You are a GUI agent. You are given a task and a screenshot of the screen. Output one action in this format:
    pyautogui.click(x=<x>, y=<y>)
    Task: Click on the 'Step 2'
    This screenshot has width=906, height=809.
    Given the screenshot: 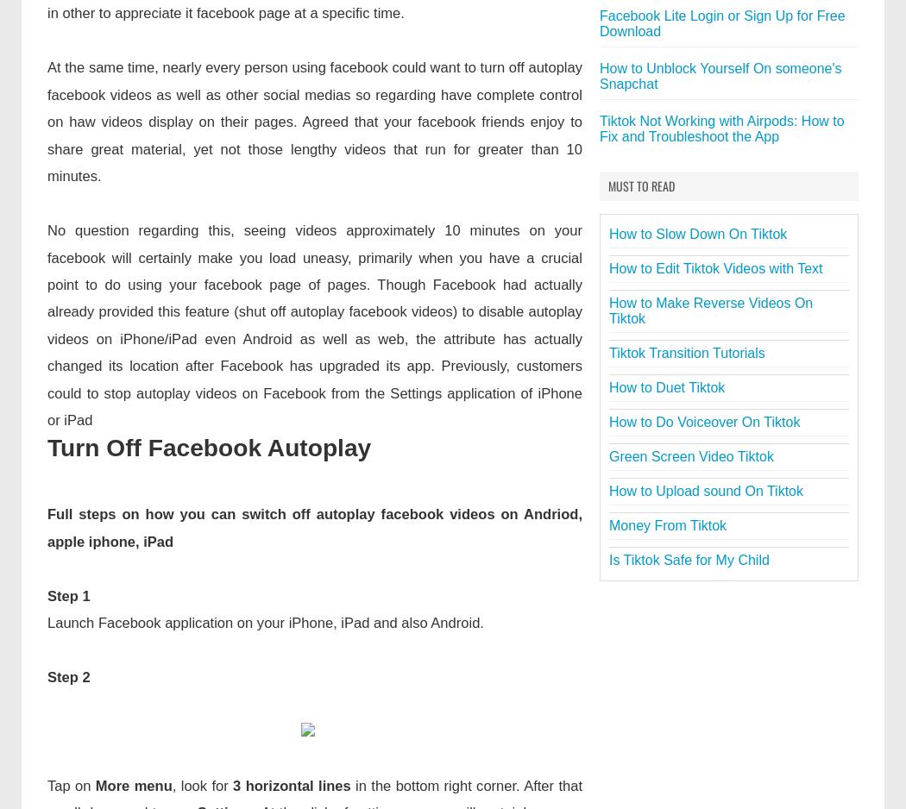 What is the action you would take?
    pyautogui.click(x=68, y=675)
    